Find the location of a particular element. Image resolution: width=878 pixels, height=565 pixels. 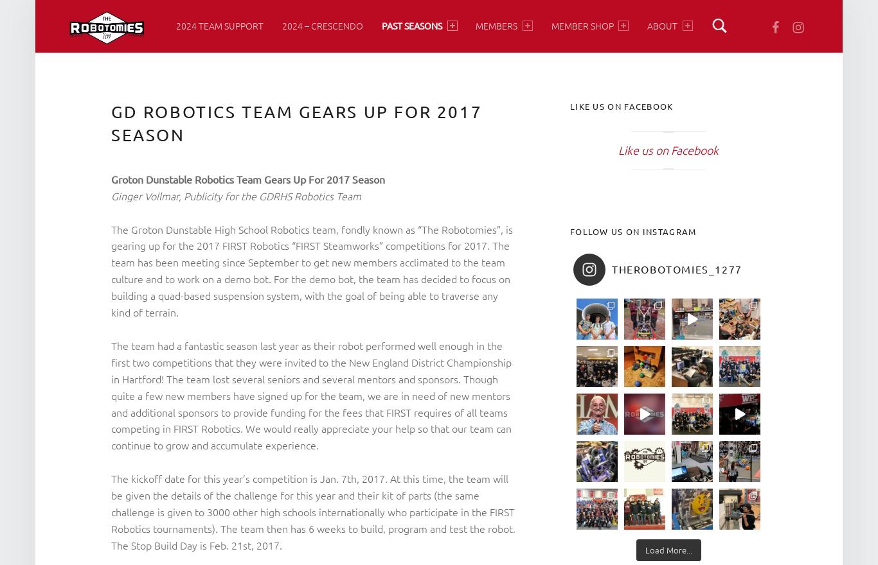

'The Groton Dunstable High School Robotics team, fondly known as “The Robotomies”, is gearing up for the 2017 FIRST Robotics “FIRST Steamworks” competitions for 2017. The team has been meeting since September to get new members acclimated to the team culture and to work on a demo bot. For the demo bot, the team has decided to focus on building a quad-based suspension system, with the goal of being able to traverse any kind of terrain.' is located at coordinates (312, 270).